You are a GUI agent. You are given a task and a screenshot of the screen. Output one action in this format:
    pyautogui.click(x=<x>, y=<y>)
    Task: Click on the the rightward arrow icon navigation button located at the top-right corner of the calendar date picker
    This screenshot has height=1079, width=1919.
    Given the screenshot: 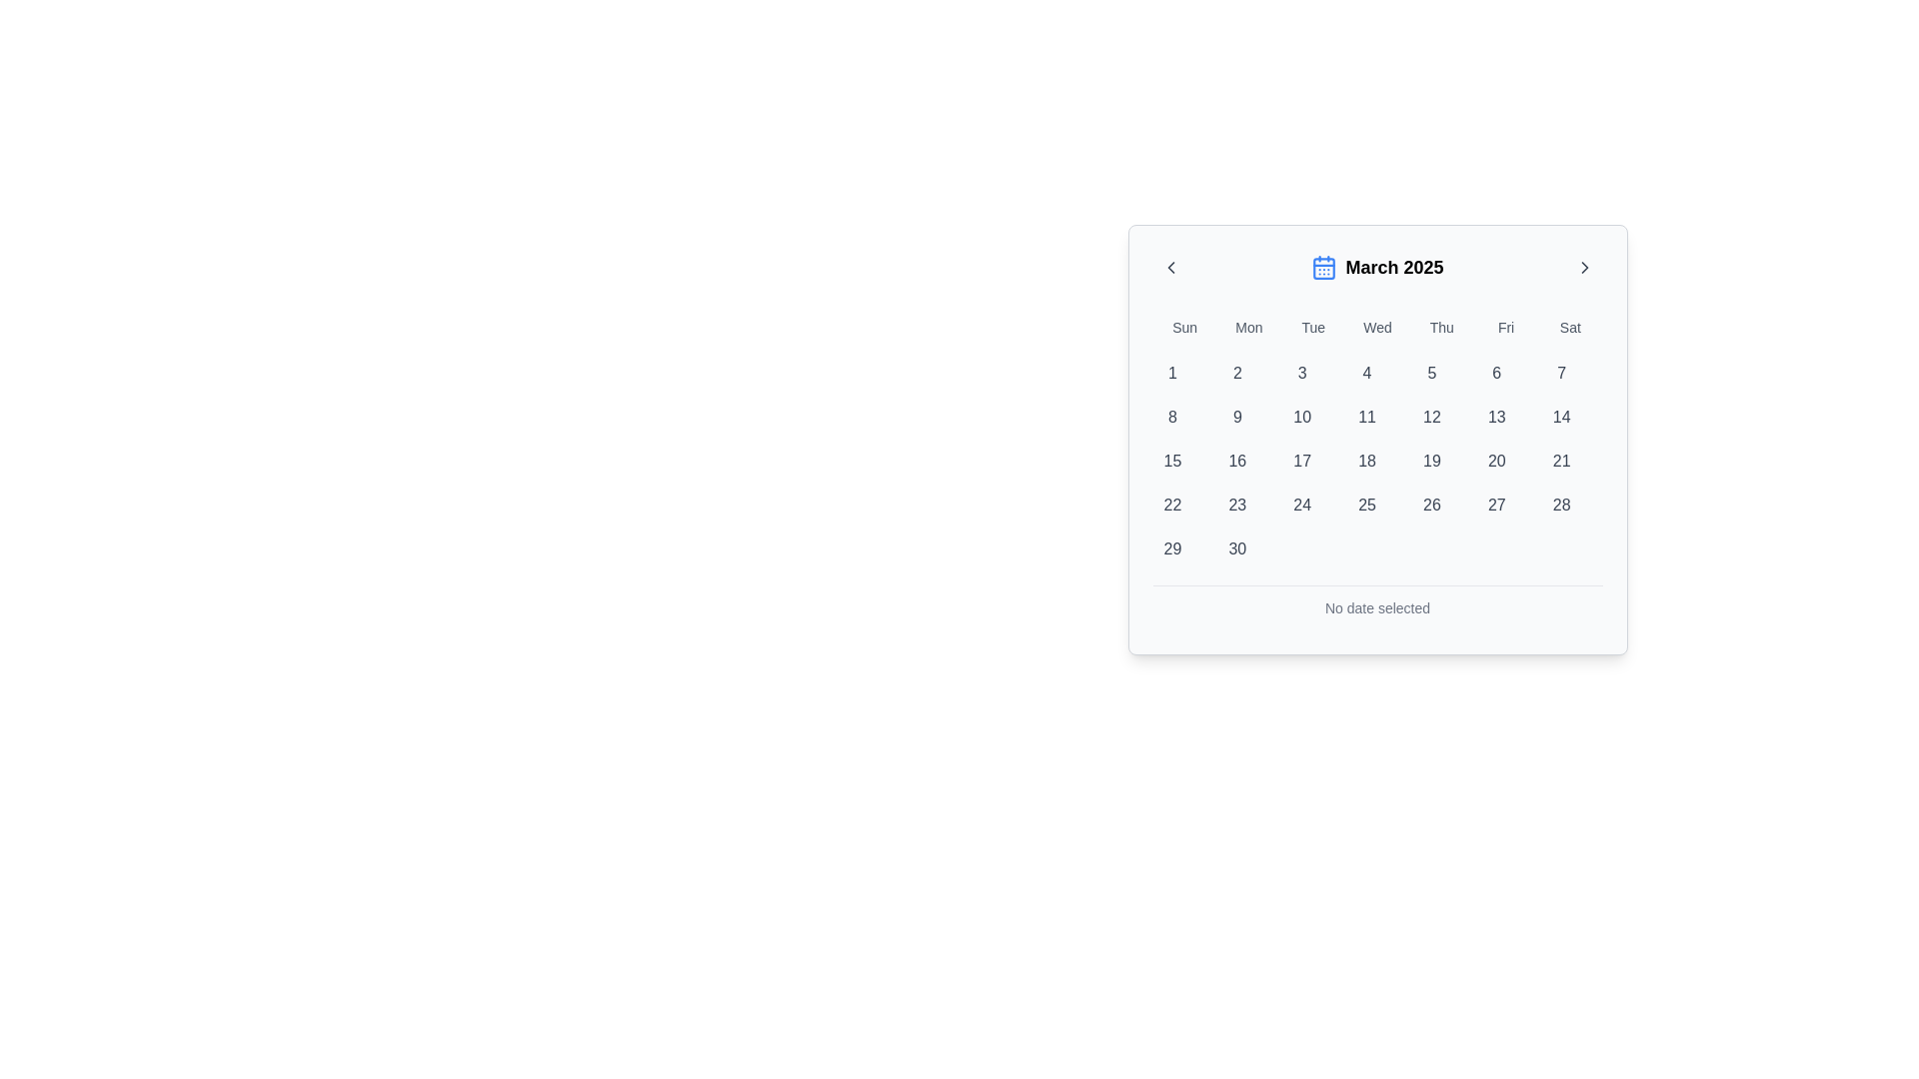 What is the action you would take?
    pyautogui.click(x=1583, y=266)
    